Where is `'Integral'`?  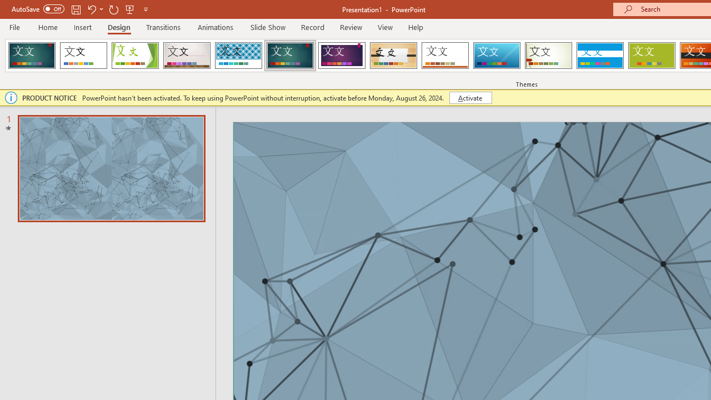 'Integral' is located at coordinates (238, 56).